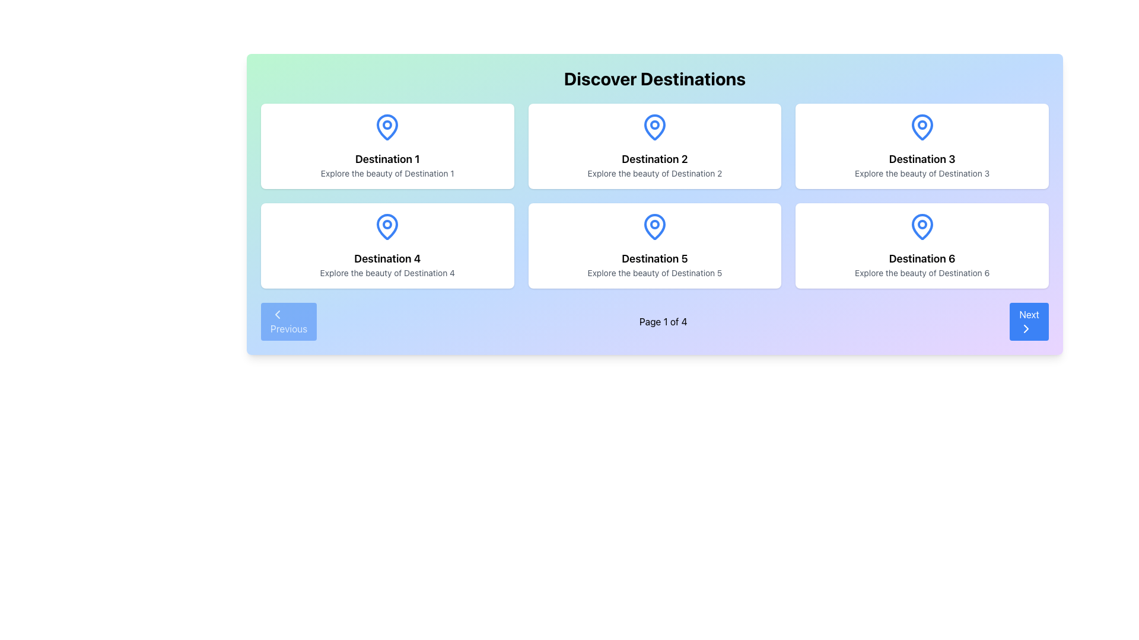  What do you see at coordinates (921, 127) in the screenshot?
I see `the vector map pin icon representing 'Destination 3' located in the third tile of the 'Discover Destinations' grid layout` at bounding box center [921, 127].